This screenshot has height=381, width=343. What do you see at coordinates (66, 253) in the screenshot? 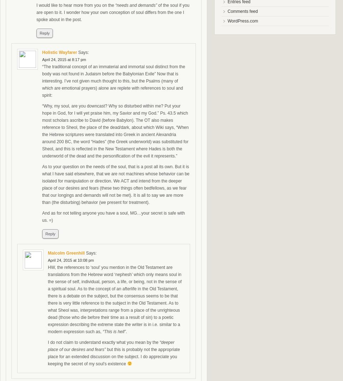
I see `'Malcolm Greenhill'` at bounding box center [66, 253].